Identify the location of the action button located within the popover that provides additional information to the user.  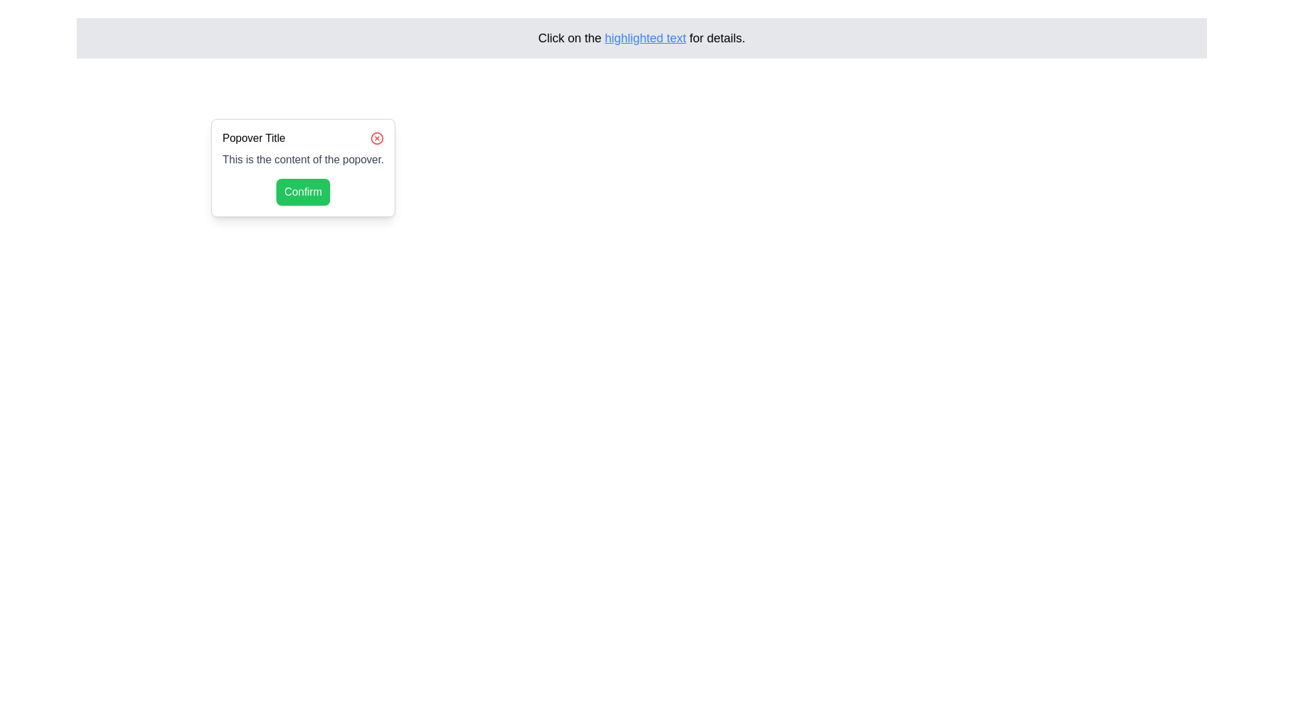
(303, 167).